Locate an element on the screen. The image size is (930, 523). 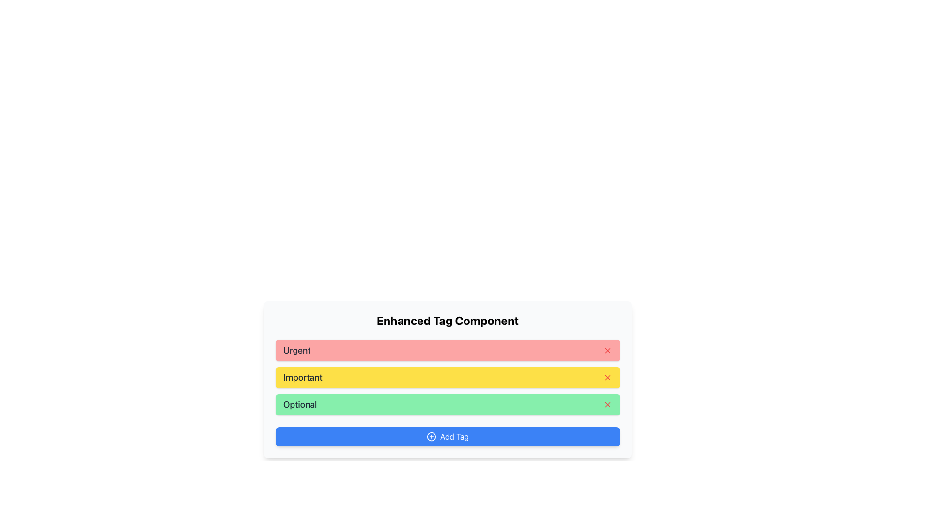
the small red 'X' icon located at the rightmost end of the green rectangle labeled 'Optional' in the vertically stacked list under 'Enhanced Tag Component' is located at coordinates (607, 405).